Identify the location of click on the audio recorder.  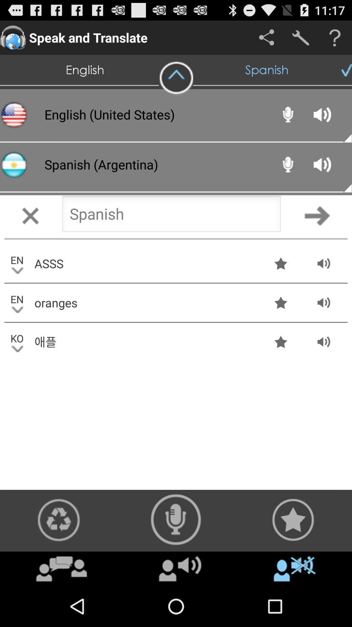
(176, 519).